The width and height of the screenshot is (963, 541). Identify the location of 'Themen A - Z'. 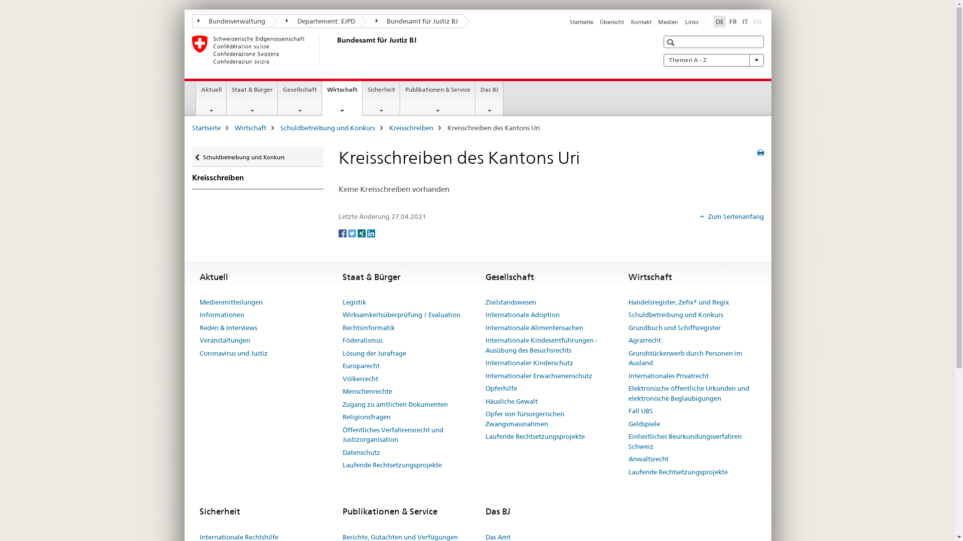
(663, 60).